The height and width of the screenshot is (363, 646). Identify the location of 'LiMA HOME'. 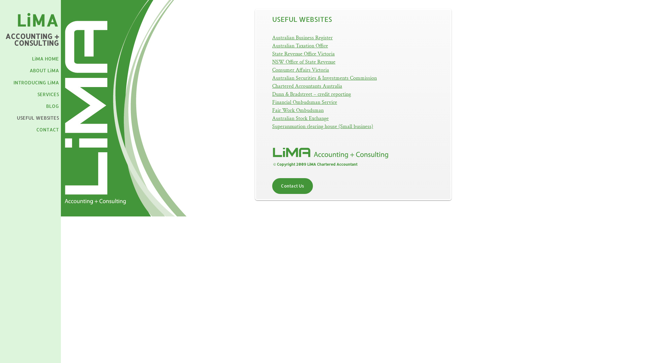
(45, 58).